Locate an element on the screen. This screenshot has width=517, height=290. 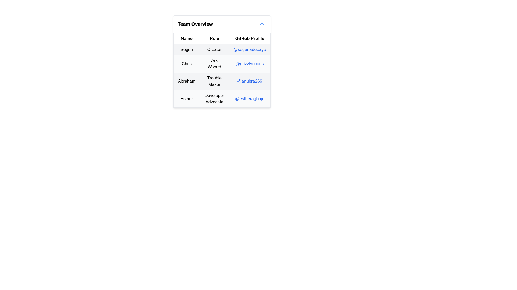
the 'Trouble Maker' text display element located in the third row of the table under the 'Role' column, surrounded by 'Abraham' and '@anubra266' is located at coordinates (214, 81).